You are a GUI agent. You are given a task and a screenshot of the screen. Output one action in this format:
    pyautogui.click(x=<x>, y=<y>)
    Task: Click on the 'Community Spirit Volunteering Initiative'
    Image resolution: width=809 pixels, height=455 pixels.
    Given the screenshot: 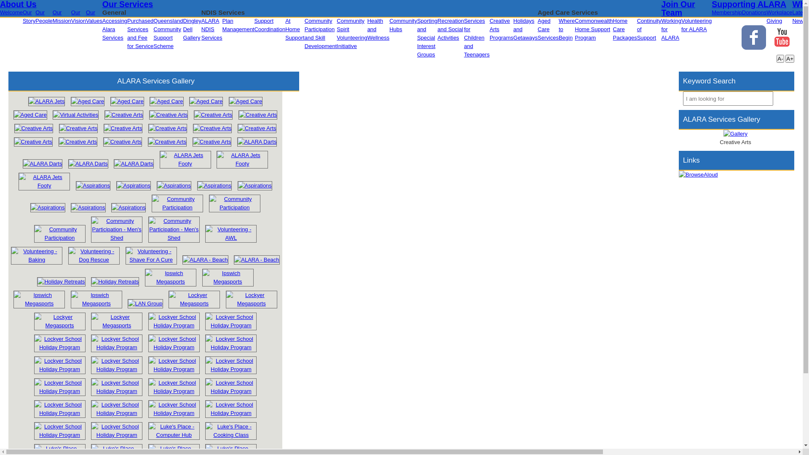 What is the action you would take?
    pyautogui.click(x=352, y=33)
    